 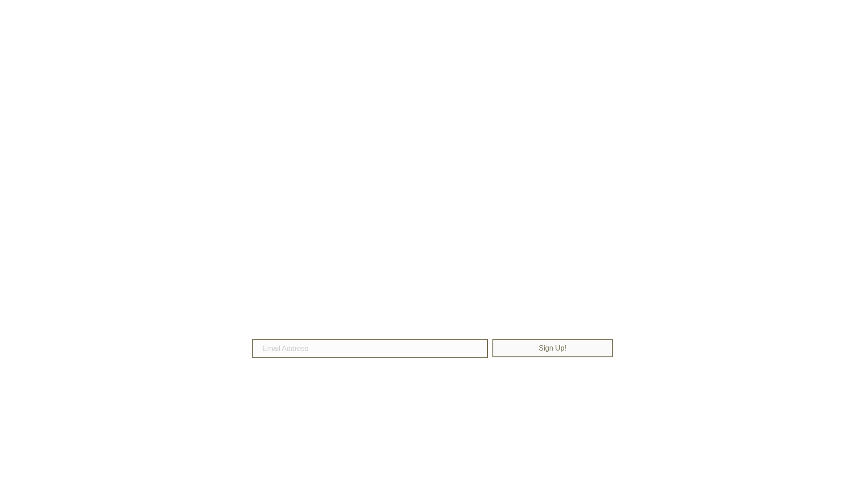 I want to click on 'Sign Up!', so click(x=552, y=348).